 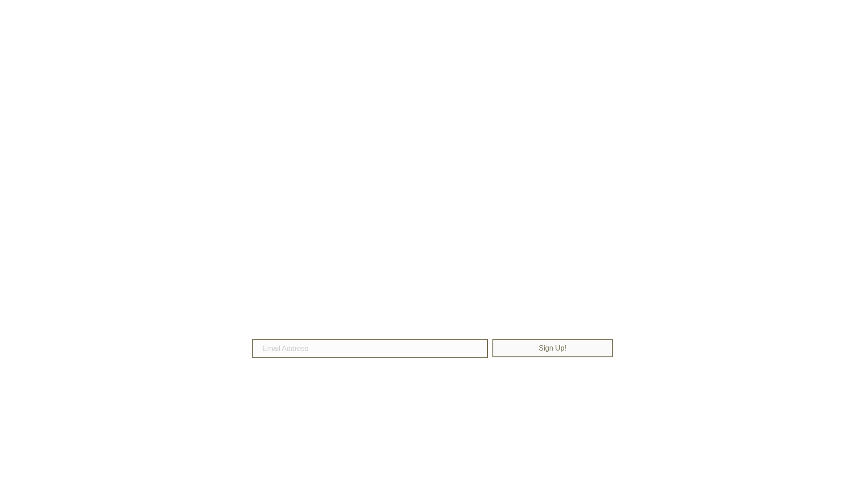 I want to click on 'Sign Up!', so click(x=552, y=348).